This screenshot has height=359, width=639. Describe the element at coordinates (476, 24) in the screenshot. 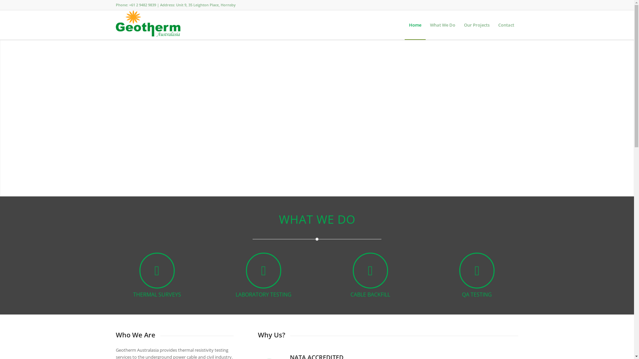

I see `'Our Projects'` at that location.